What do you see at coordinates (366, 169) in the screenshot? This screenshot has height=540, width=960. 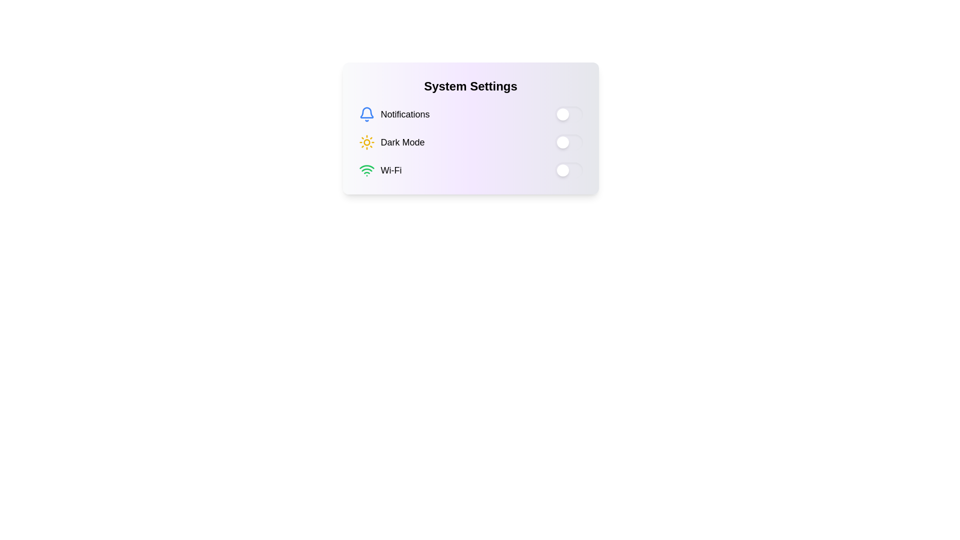 I see `the middle arc of the Wi-Fi icon, which represents connectivity options` at bounding box center [366, 169].